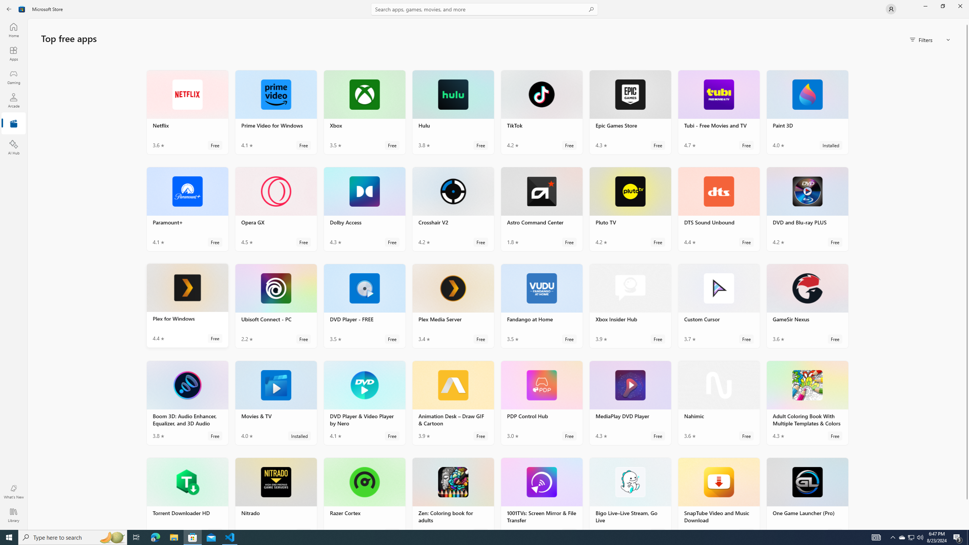  I want to click on 'What', so click(13, 491).